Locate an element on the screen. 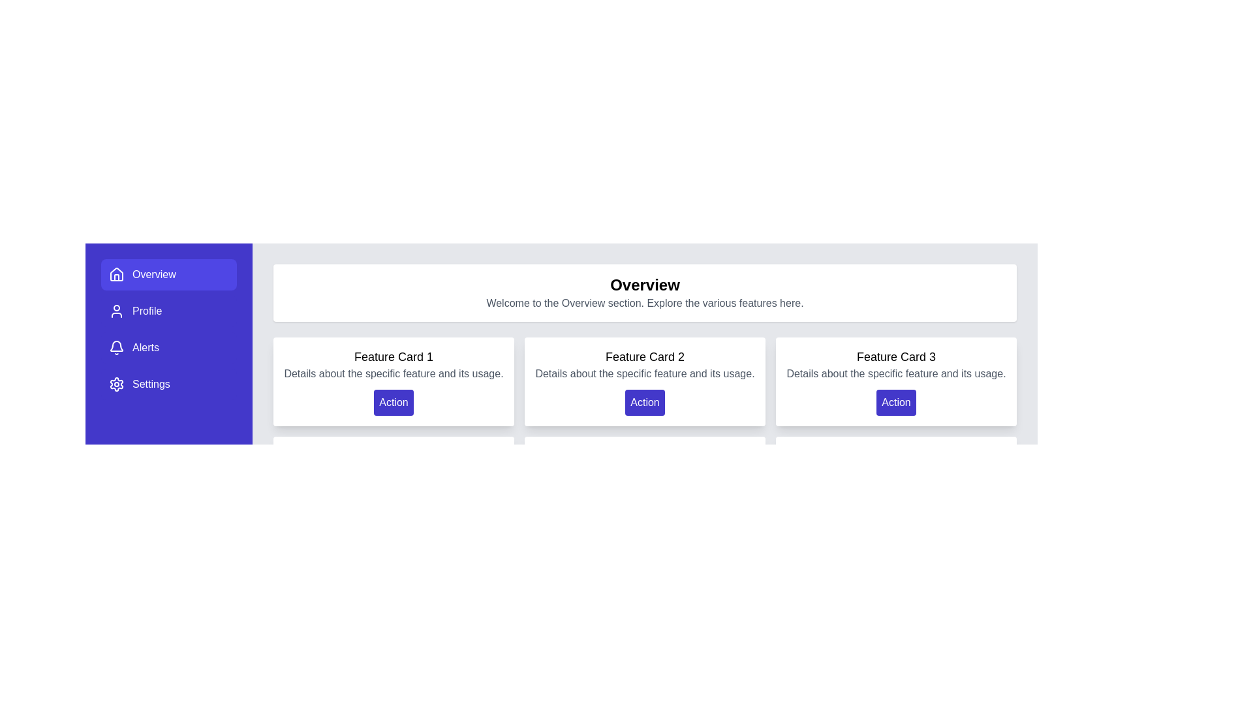 This screenshot has height=705, width=1253. the 'Overview' text label in the sidebar, which indicates its functionality as a navigation option is located at coordinates (154, 274).